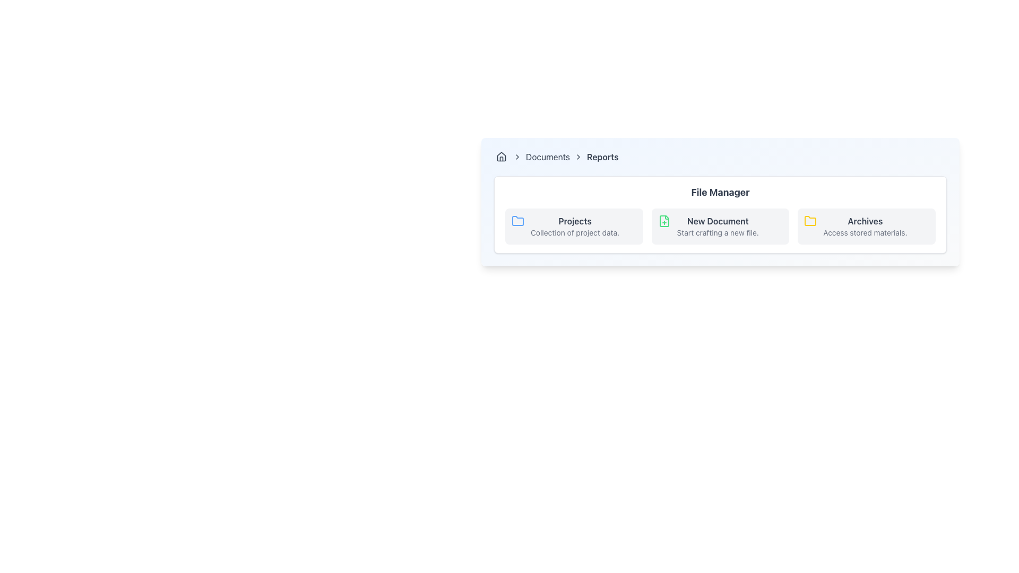 The image size is (1019, 573). Describe the element at coordinates (718, 226) in the screenshot. I see `the Text Label with Description that provides access to create a new document, located in the center of the horizontally arranged options under the 'File Manager' header` at that location.